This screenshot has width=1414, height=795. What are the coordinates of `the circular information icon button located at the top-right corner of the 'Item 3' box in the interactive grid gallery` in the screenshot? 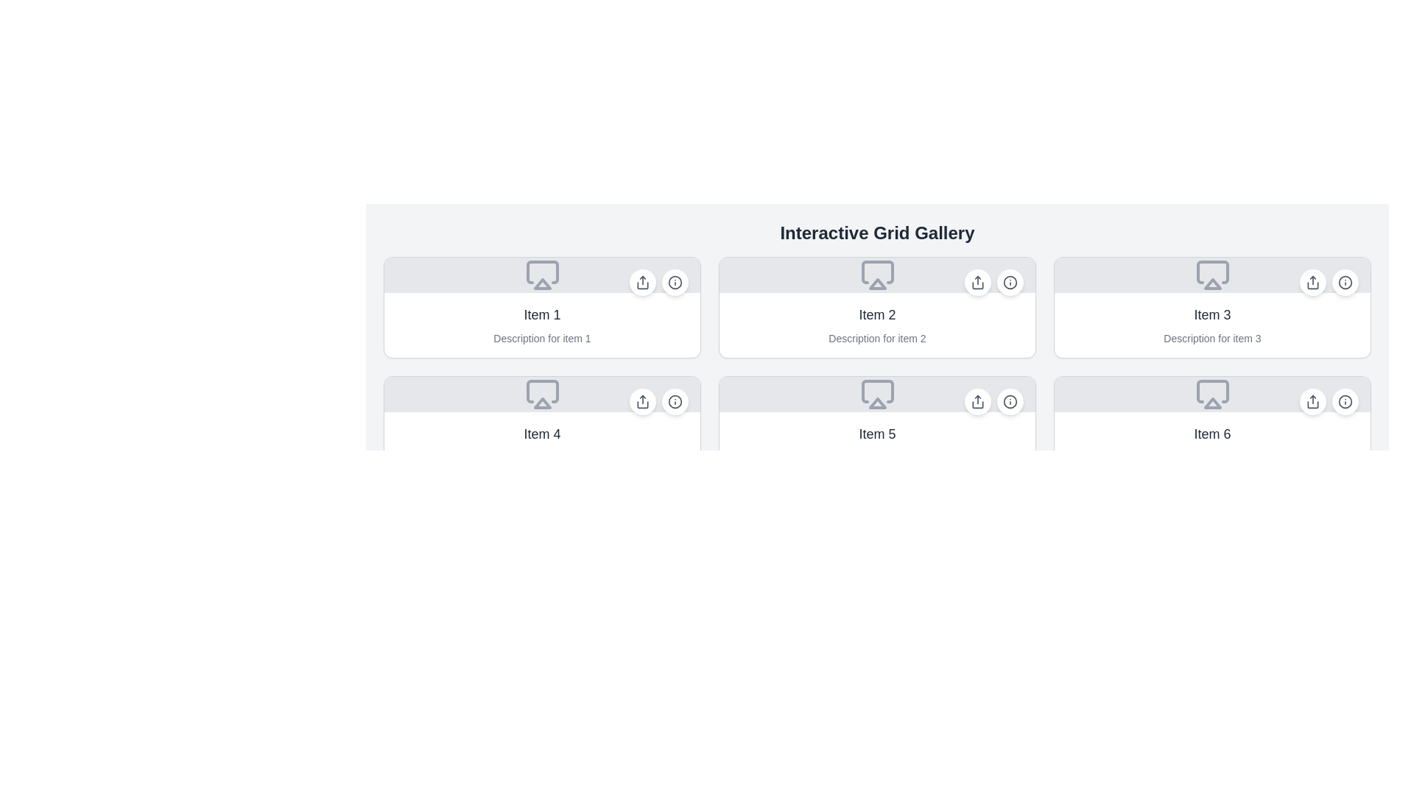 It's located at (1346, 283).